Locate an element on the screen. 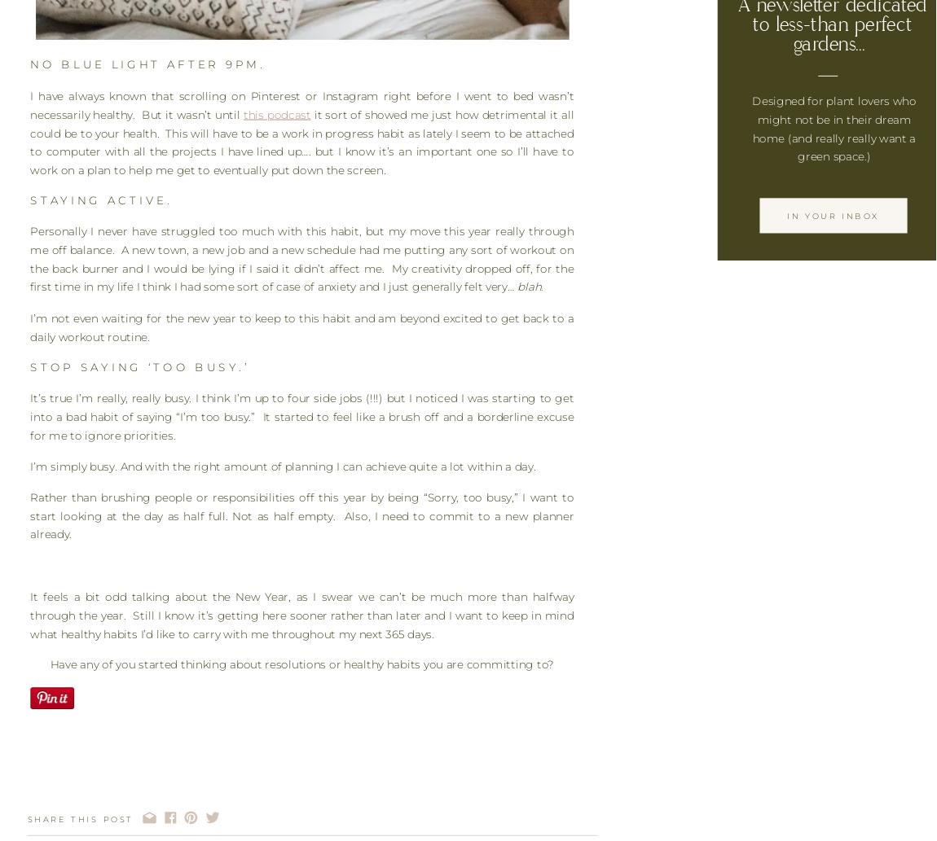 The width and height of the screenshot is (937, 841). 'it sort of showed me just how detrimental it all could be to your health.  This will have to be a work in progress habit as lately I seem to be attached to computer with all the projects I have lined up…. but I know it’s an important one so I’ll have to work on a plan to help me get to eventually put down the screen.' is located at coordinates (29, 141).